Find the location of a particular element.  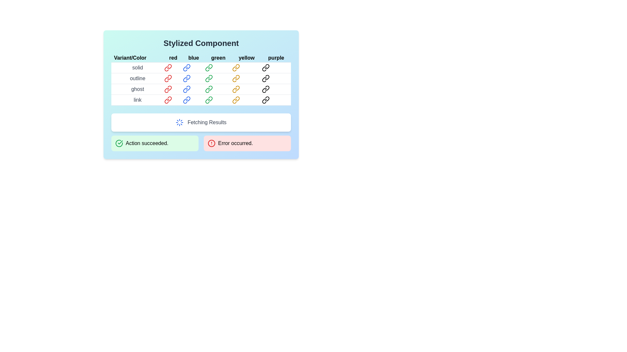

the clickable icon depicting a link, which is styled with a purple color and located in the 'ghost' row and 'purple' column of the table to trigger a tooltip or hover effect is located at coordinates (265, 89).